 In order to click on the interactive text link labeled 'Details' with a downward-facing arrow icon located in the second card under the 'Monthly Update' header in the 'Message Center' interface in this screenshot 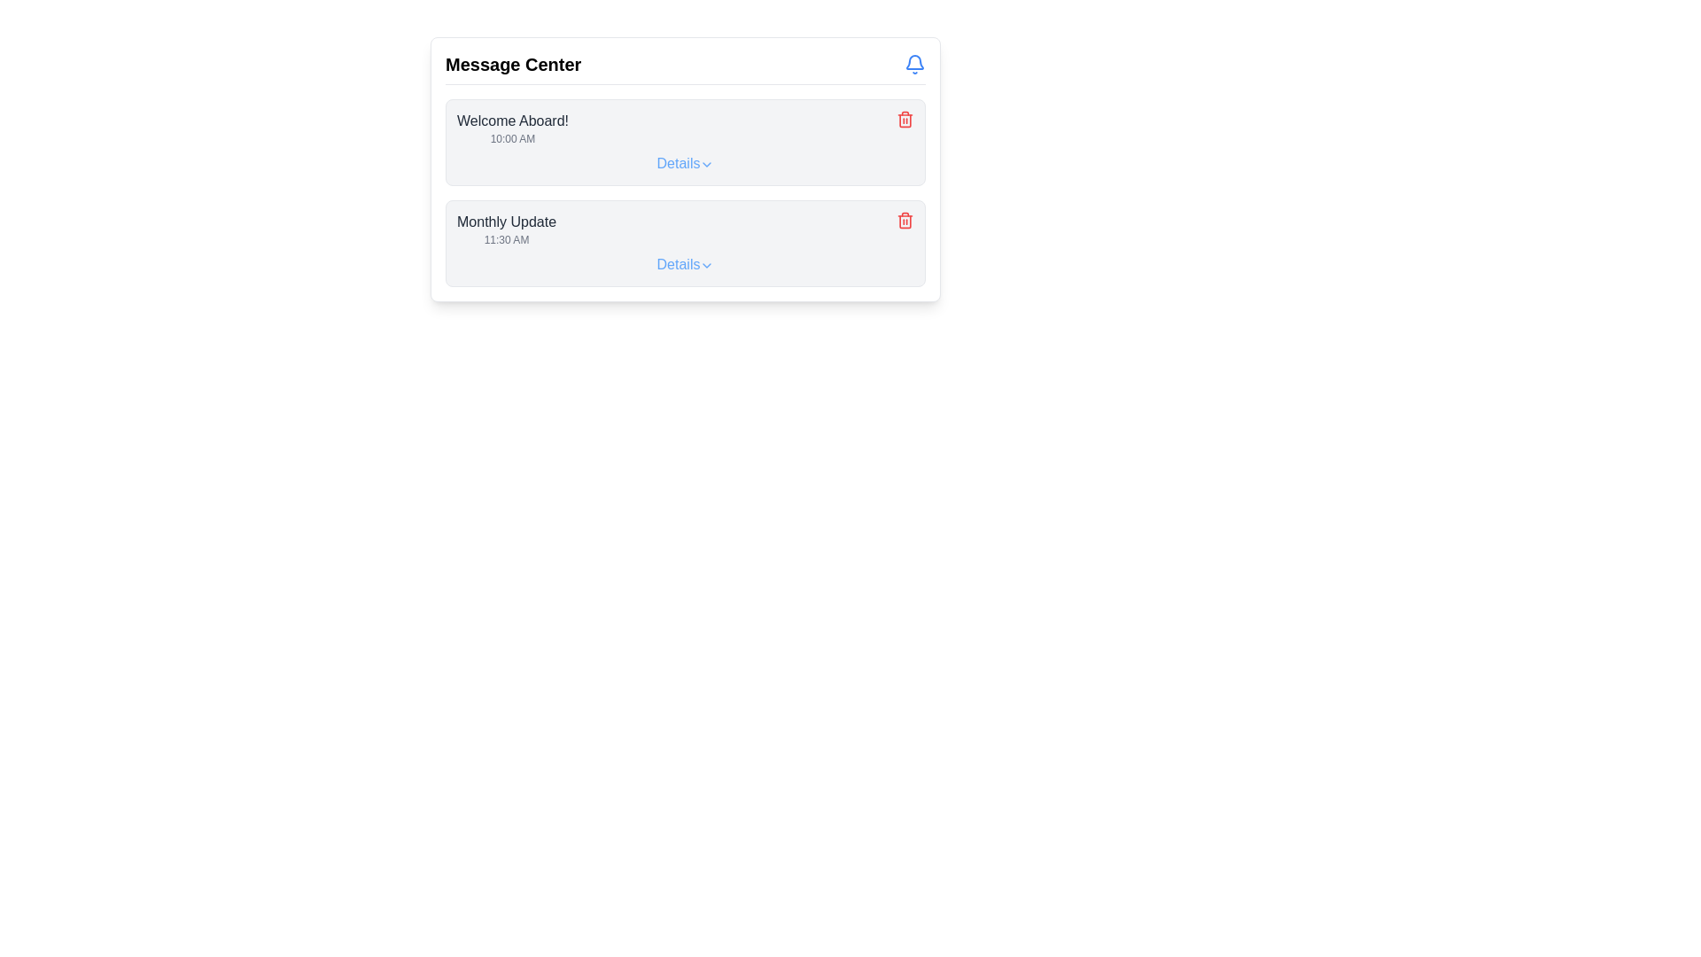, I will do `click(684, 265)`.